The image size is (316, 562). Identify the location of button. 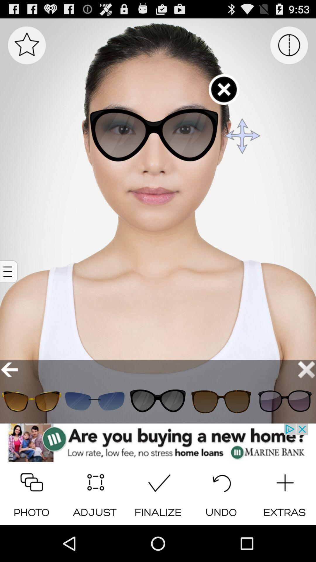
(306, 369).